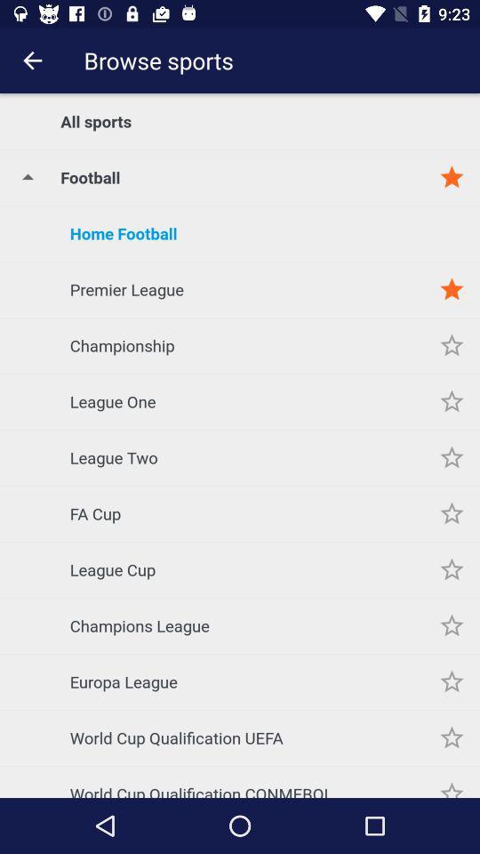 This screenshot has height=854, width=480. What do you see at coordinates (452, 289) in the screenshot?
I see `mark premier league as favorite` at bounding box center [452, 289].